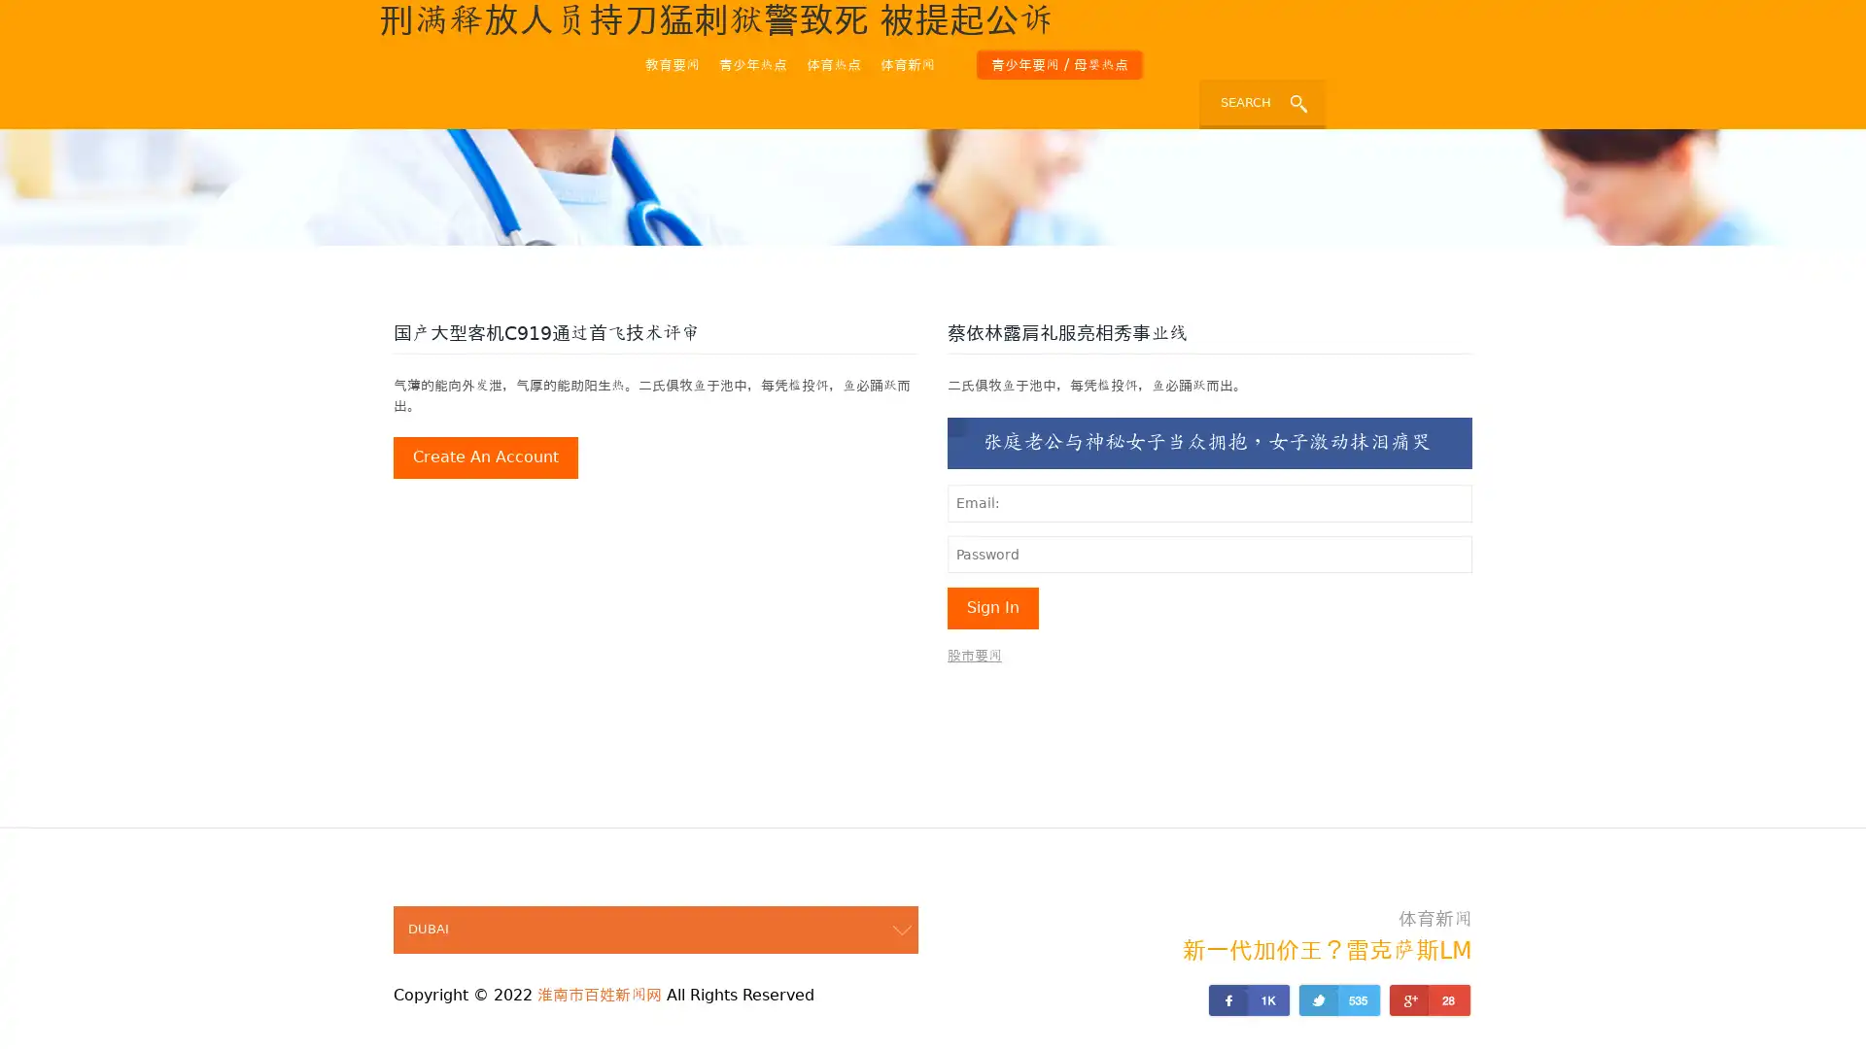 This screenshot has height=1049, width=1866. Describe the element at coordinates (485, 457) in the screenshot. I see `create an account` at that location.